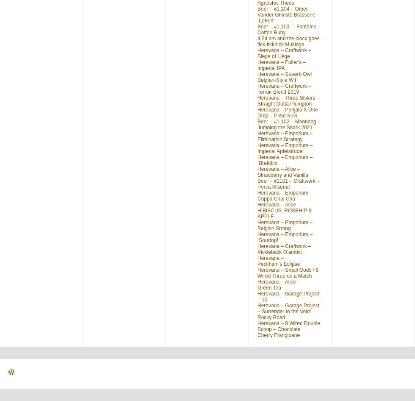 Image resolution: width=415 pixels, height=401 pixels. I want to click on 'Herevana – Emporium – Brettibix', so click(285, 160).